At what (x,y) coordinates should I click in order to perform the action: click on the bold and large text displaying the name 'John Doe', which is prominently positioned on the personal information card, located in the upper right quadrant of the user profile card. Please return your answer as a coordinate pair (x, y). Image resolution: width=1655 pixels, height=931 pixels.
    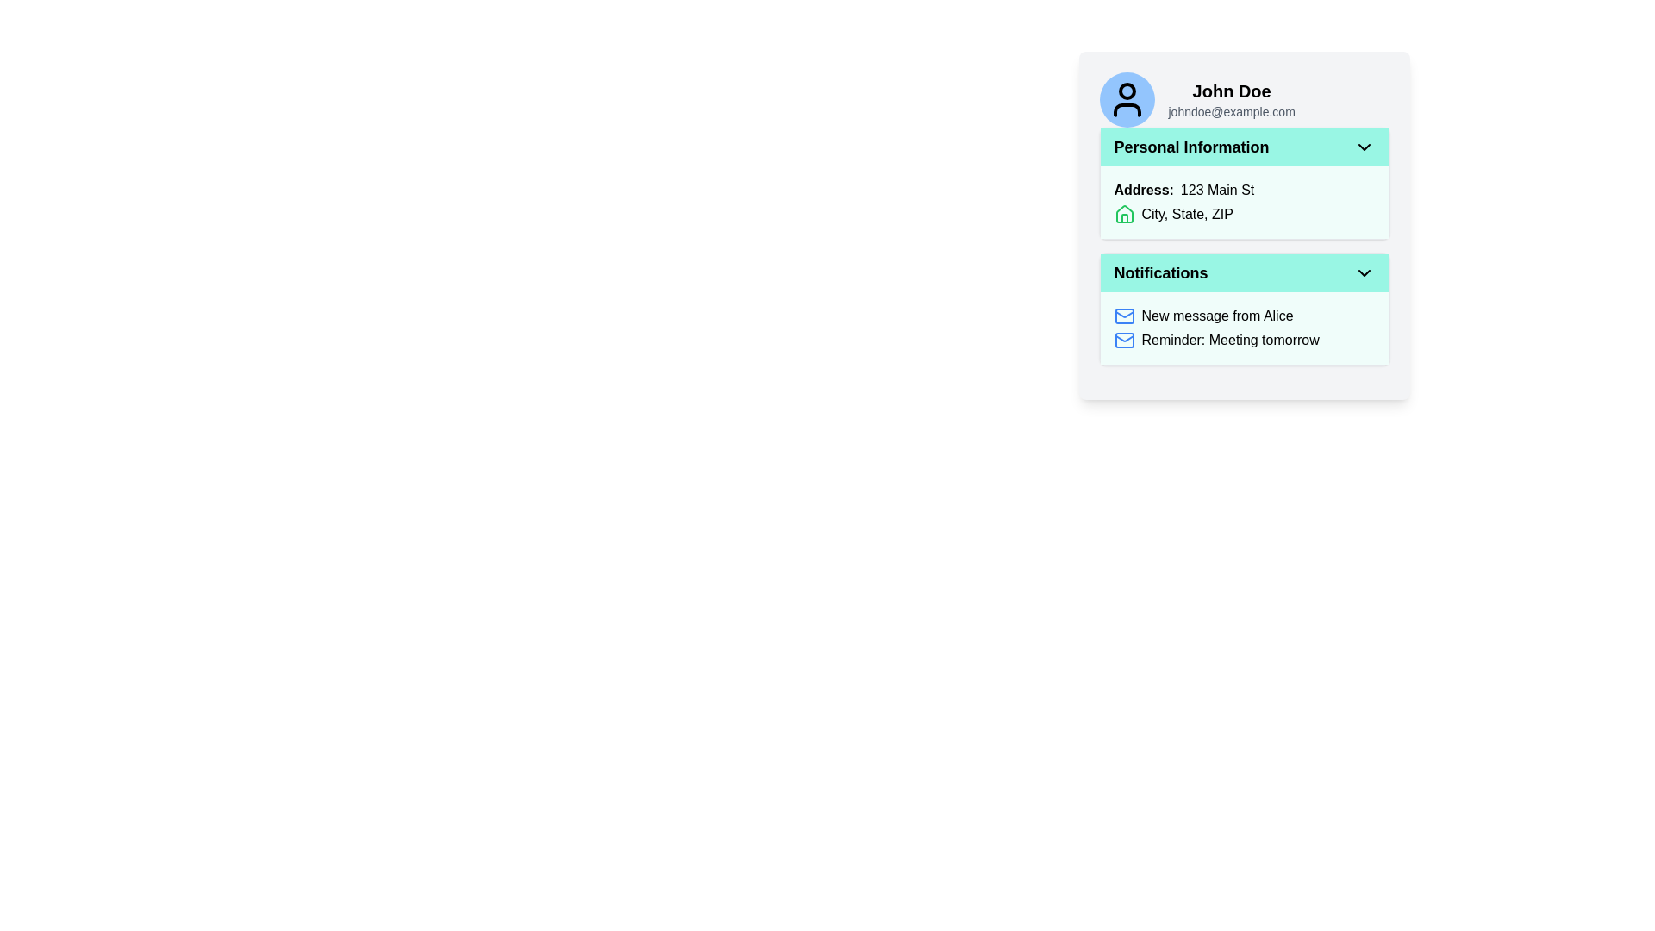
    Looking at the image, I should click on (1231, 91).